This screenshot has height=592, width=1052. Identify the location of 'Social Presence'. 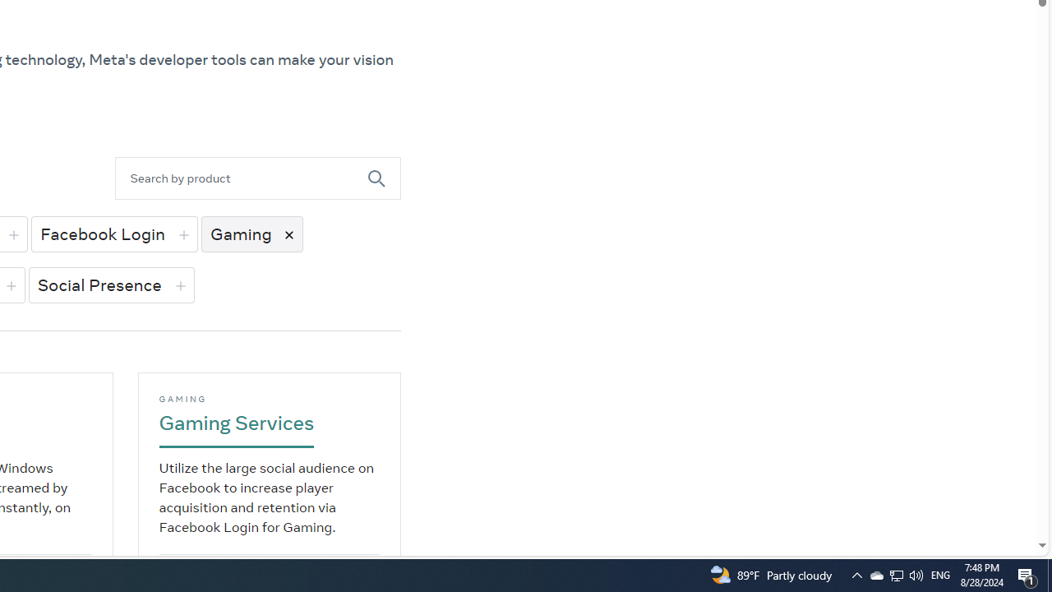
(110, 284).